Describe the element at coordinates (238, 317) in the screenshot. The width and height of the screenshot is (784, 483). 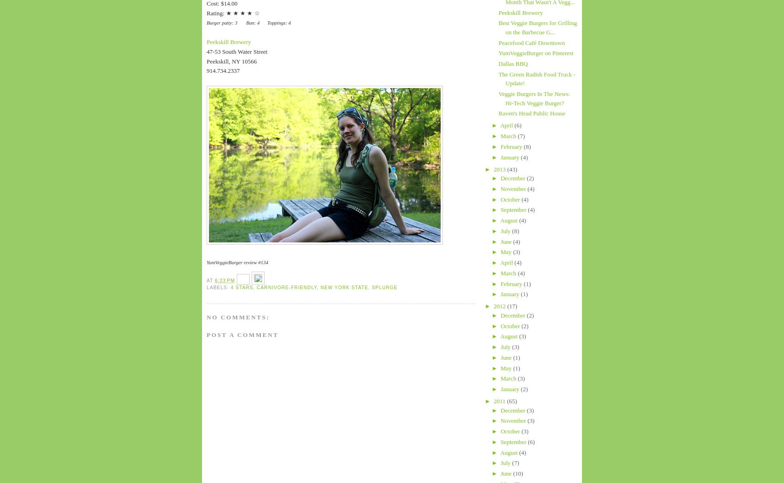
I see `'No comments:'` at that location.